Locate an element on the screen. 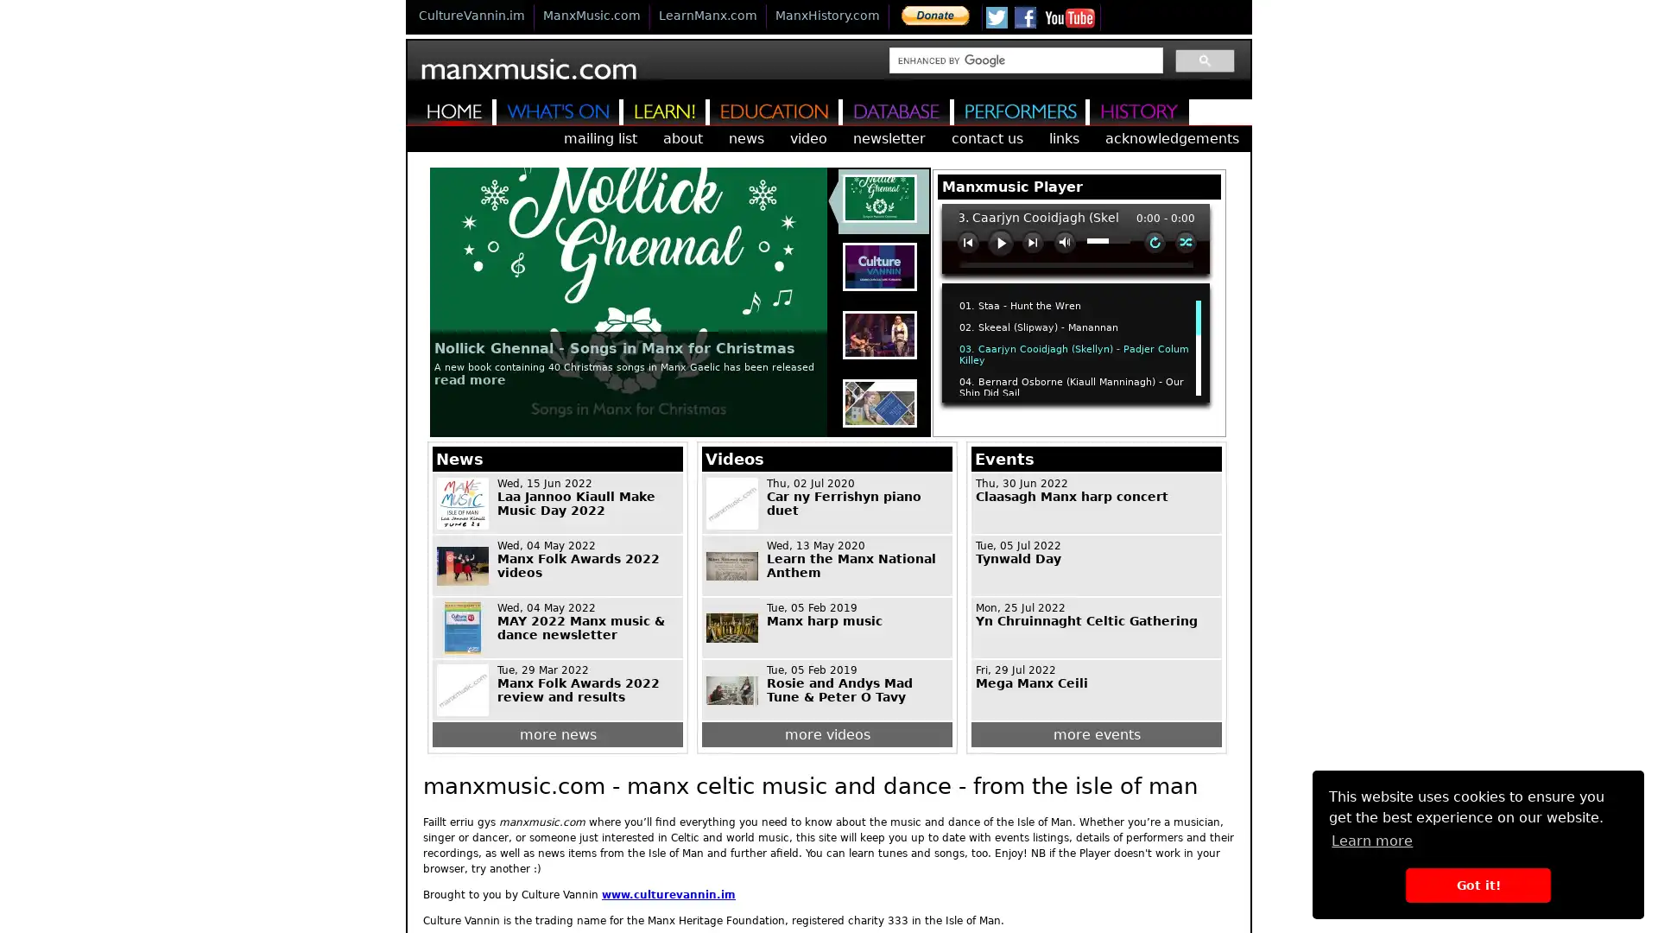 The image size is (1658, 933). dismiss cookie message is located at coordinates (1477, 885).